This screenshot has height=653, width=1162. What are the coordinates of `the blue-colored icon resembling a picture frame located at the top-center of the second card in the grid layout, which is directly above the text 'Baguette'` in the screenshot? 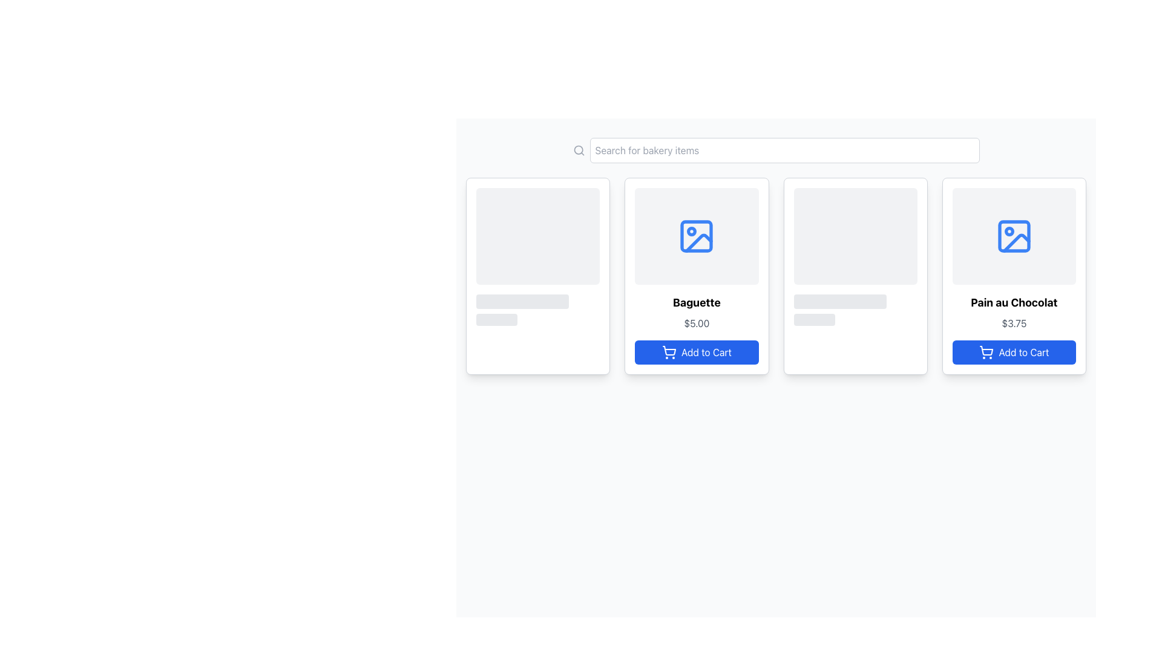 It's located at (697, 236).